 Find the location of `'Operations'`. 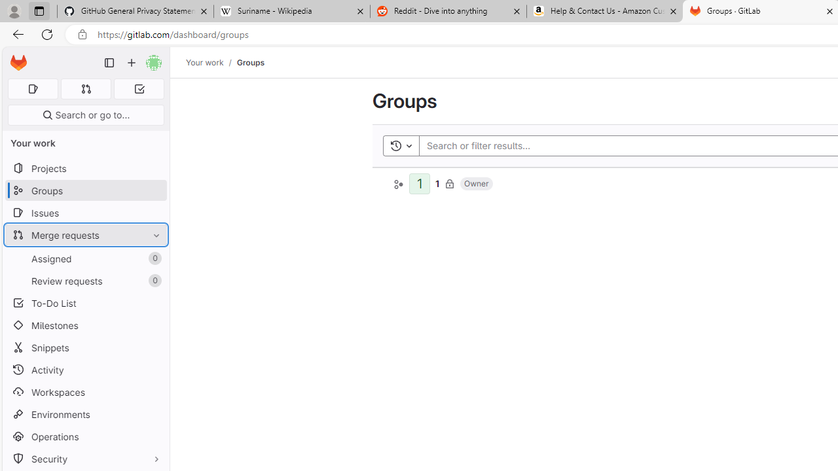

'Operations' is located at coordinates (85, 436).